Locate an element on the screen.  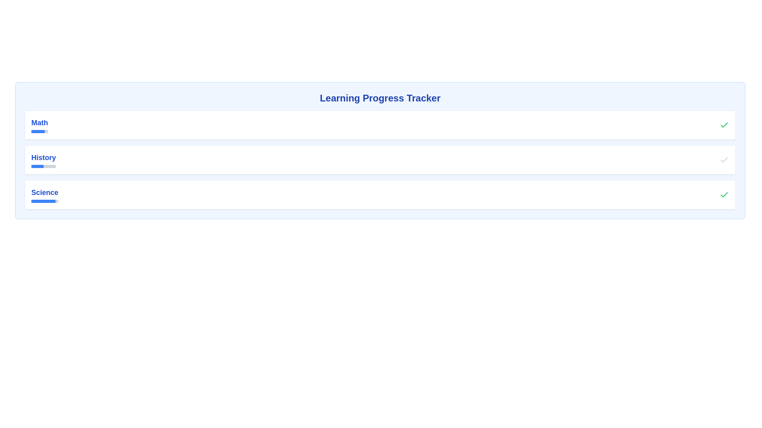
the progress tracker component representing the completion status of 'History,' which is the second element in a vertical list of subjects is located at coordinates (380, 160).